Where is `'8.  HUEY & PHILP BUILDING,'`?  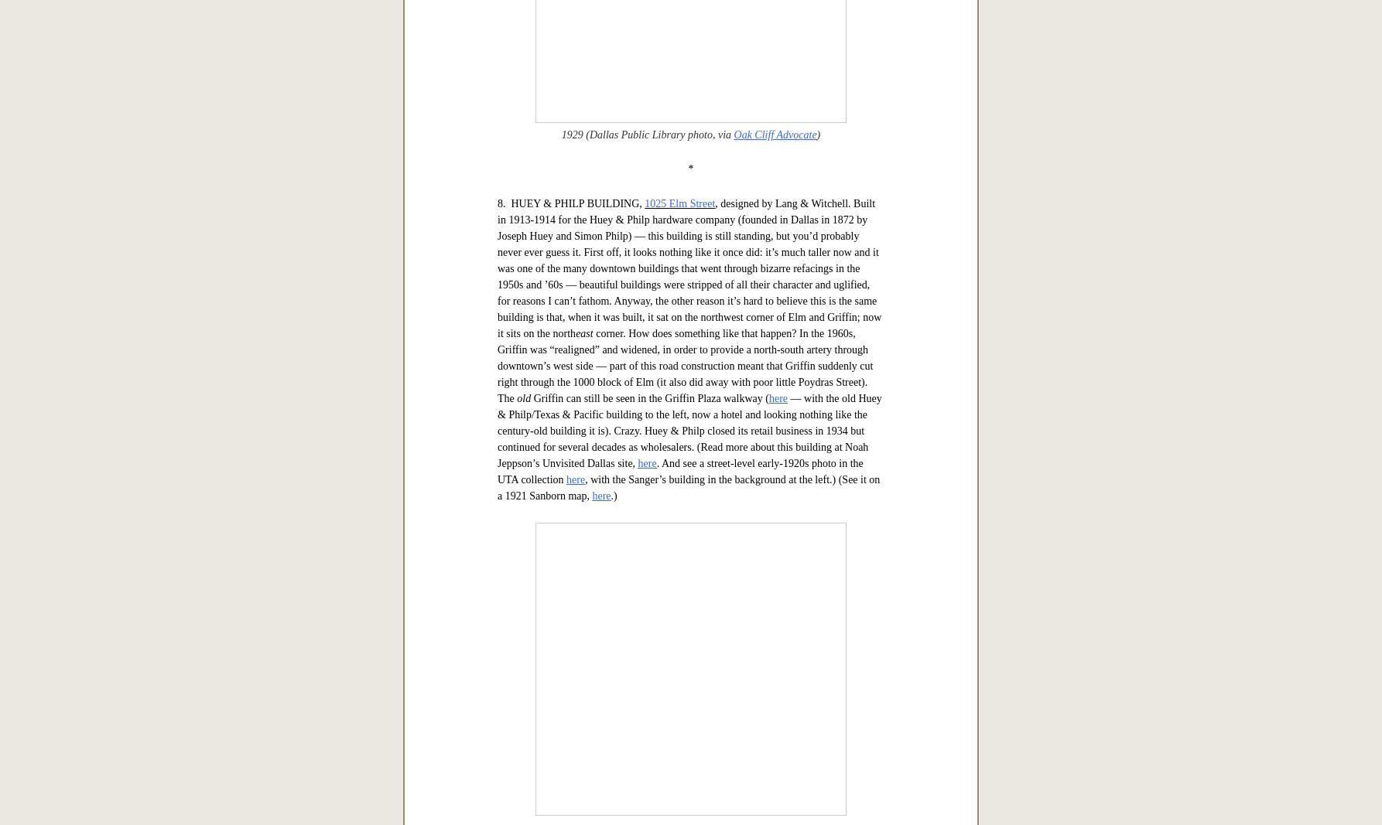 '8.  HUEY & PHILP BUILDING,' is located at coordinates (570, 689).